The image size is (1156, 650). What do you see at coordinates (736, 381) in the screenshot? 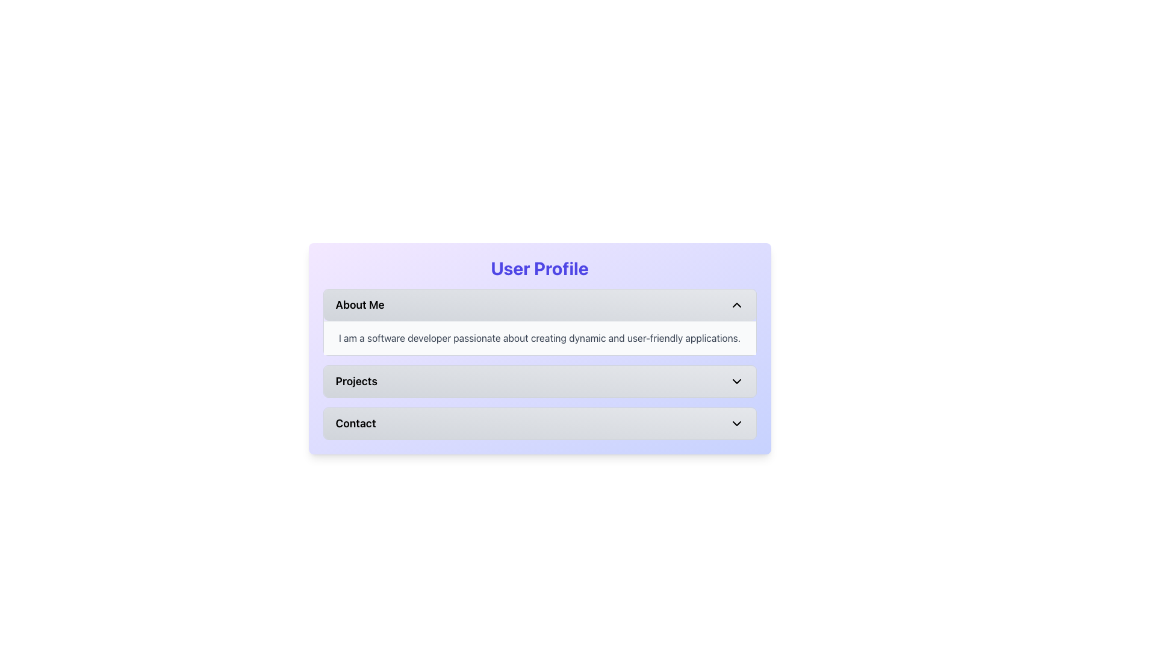
I see `the icon located to the far right of the 'Projects' button` at bounding box center [736, 381].